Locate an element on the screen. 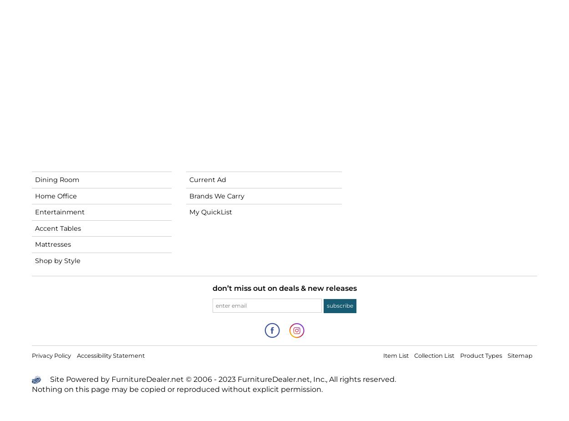 This screenshot has width=569, height=421. 'Current Ad' is located at coordinates (207, 179).